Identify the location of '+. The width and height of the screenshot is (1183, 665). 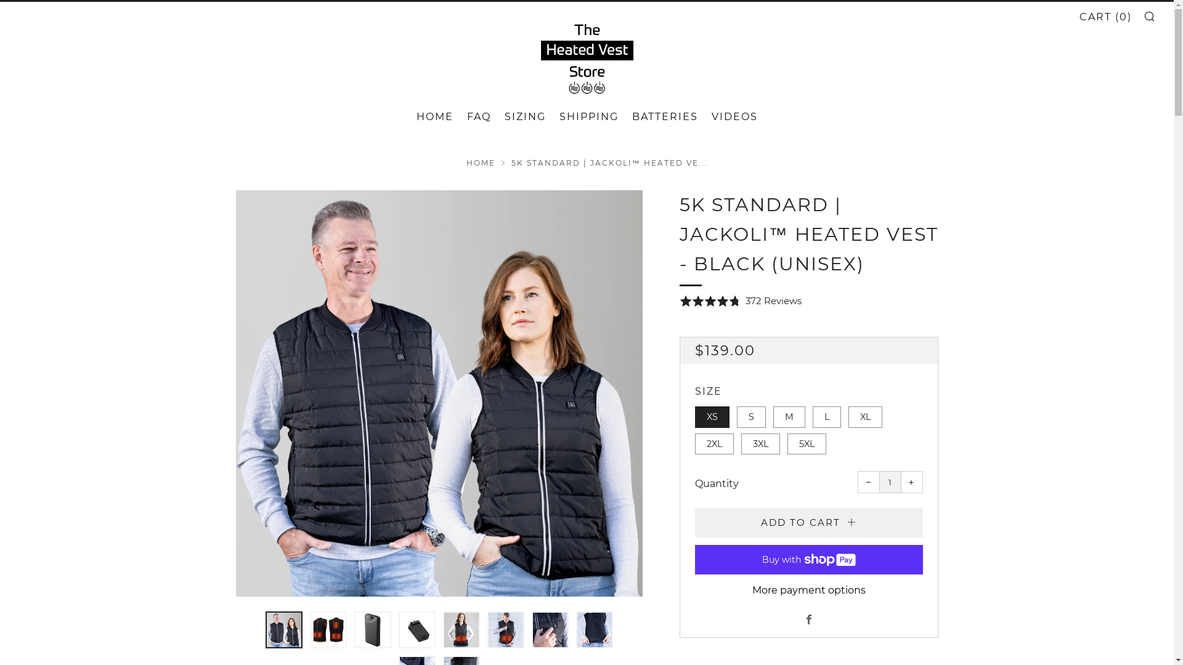
(911, 482).